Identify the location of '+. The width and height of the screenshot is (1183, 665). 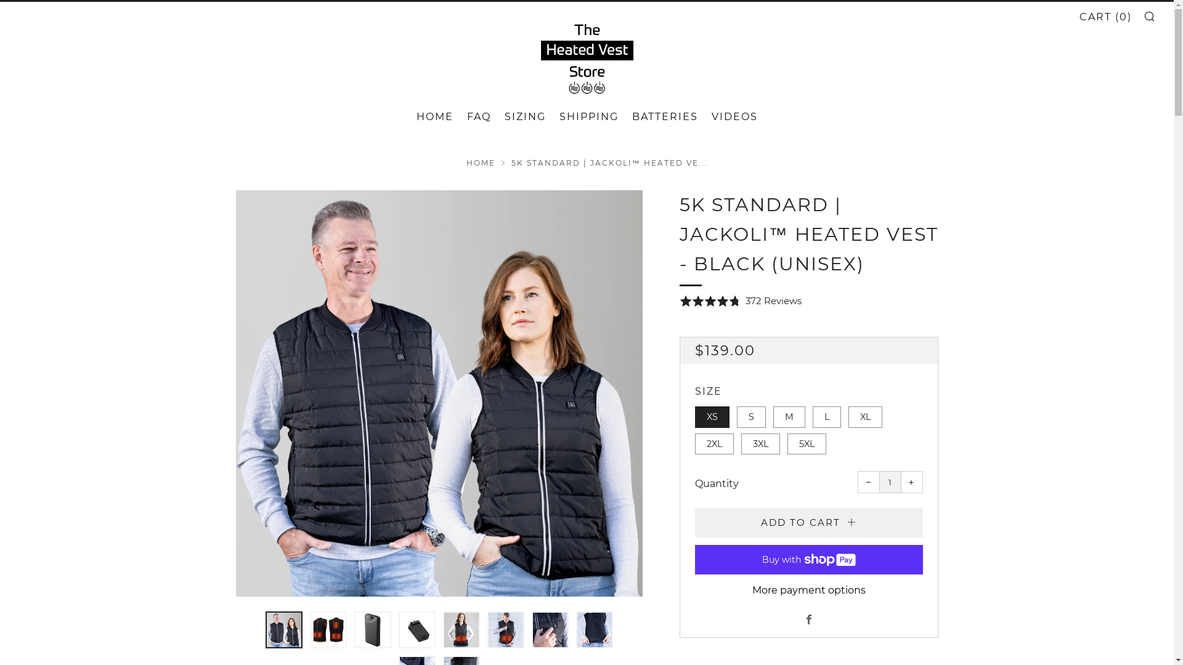
(911, 482).